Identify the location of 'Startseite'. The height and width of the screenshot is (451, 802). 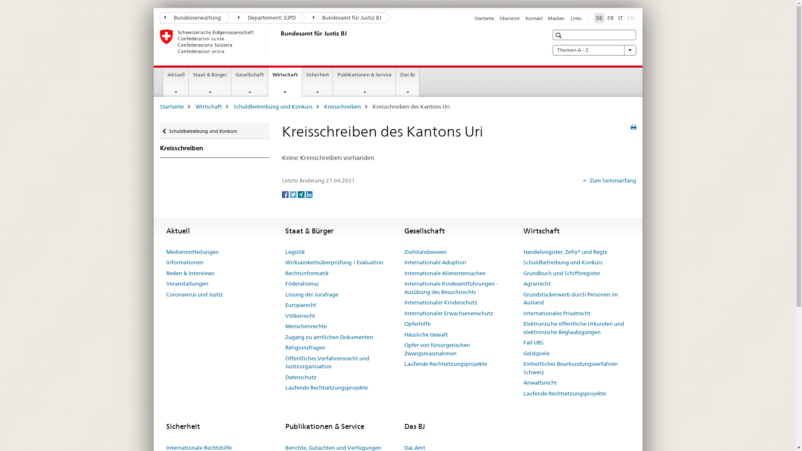
(160, 106).